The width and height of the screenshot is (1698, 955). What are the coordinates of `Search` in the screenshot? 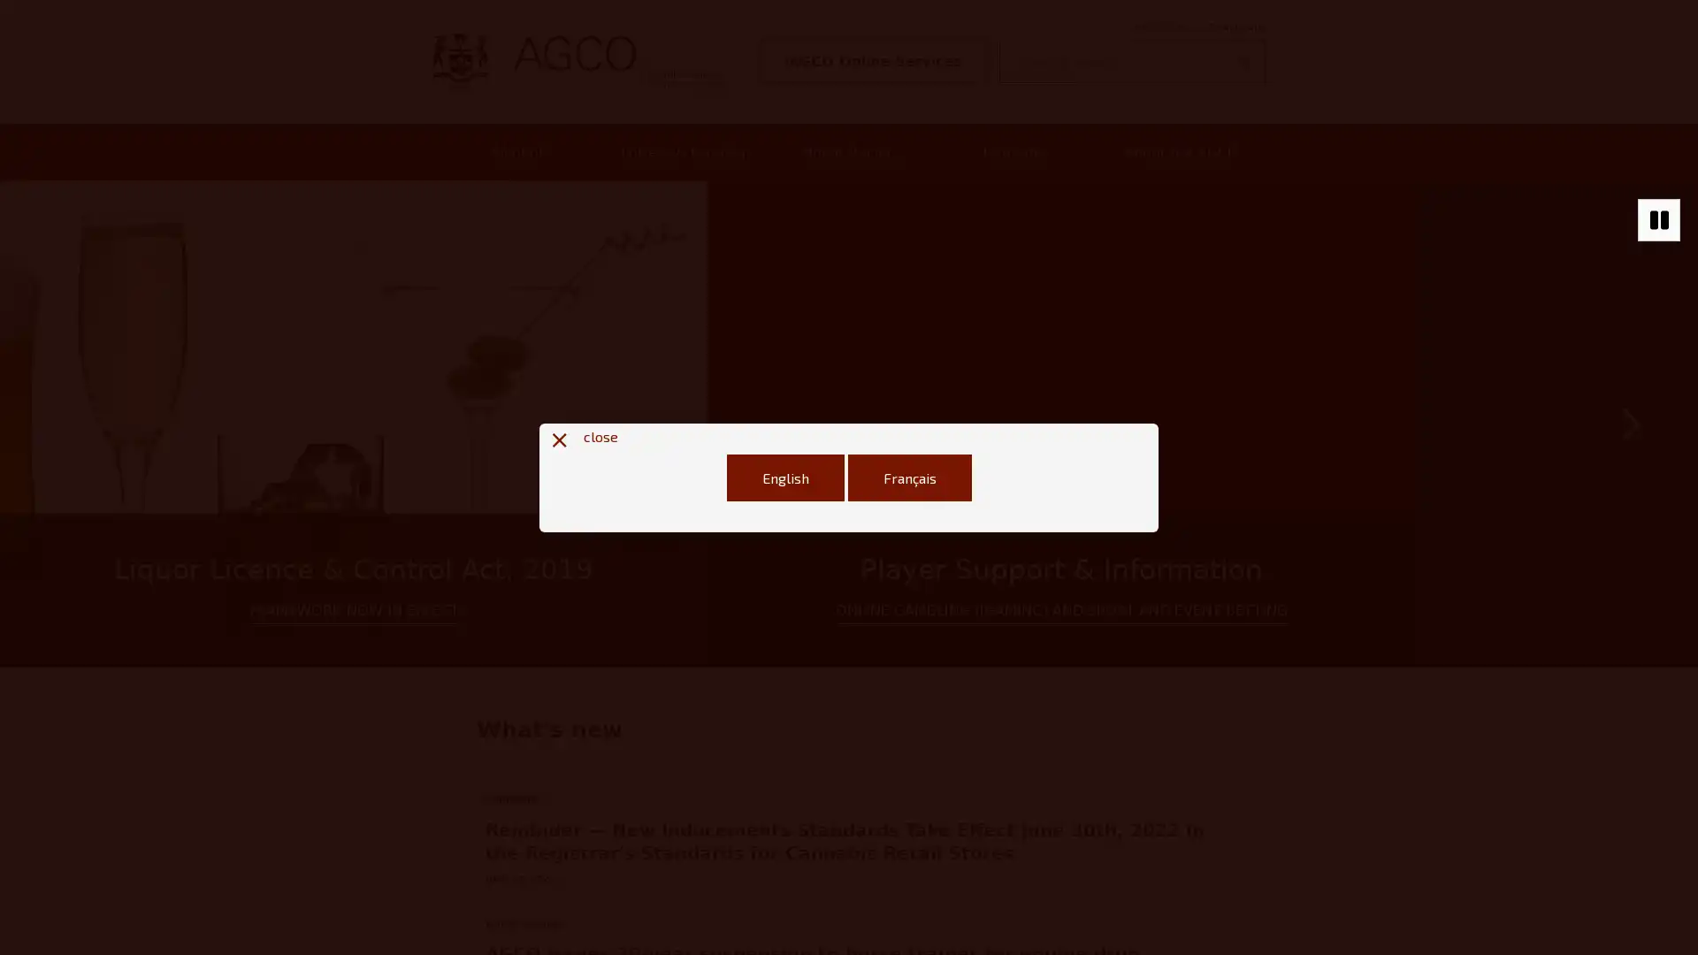 It's located at (1243, 60).